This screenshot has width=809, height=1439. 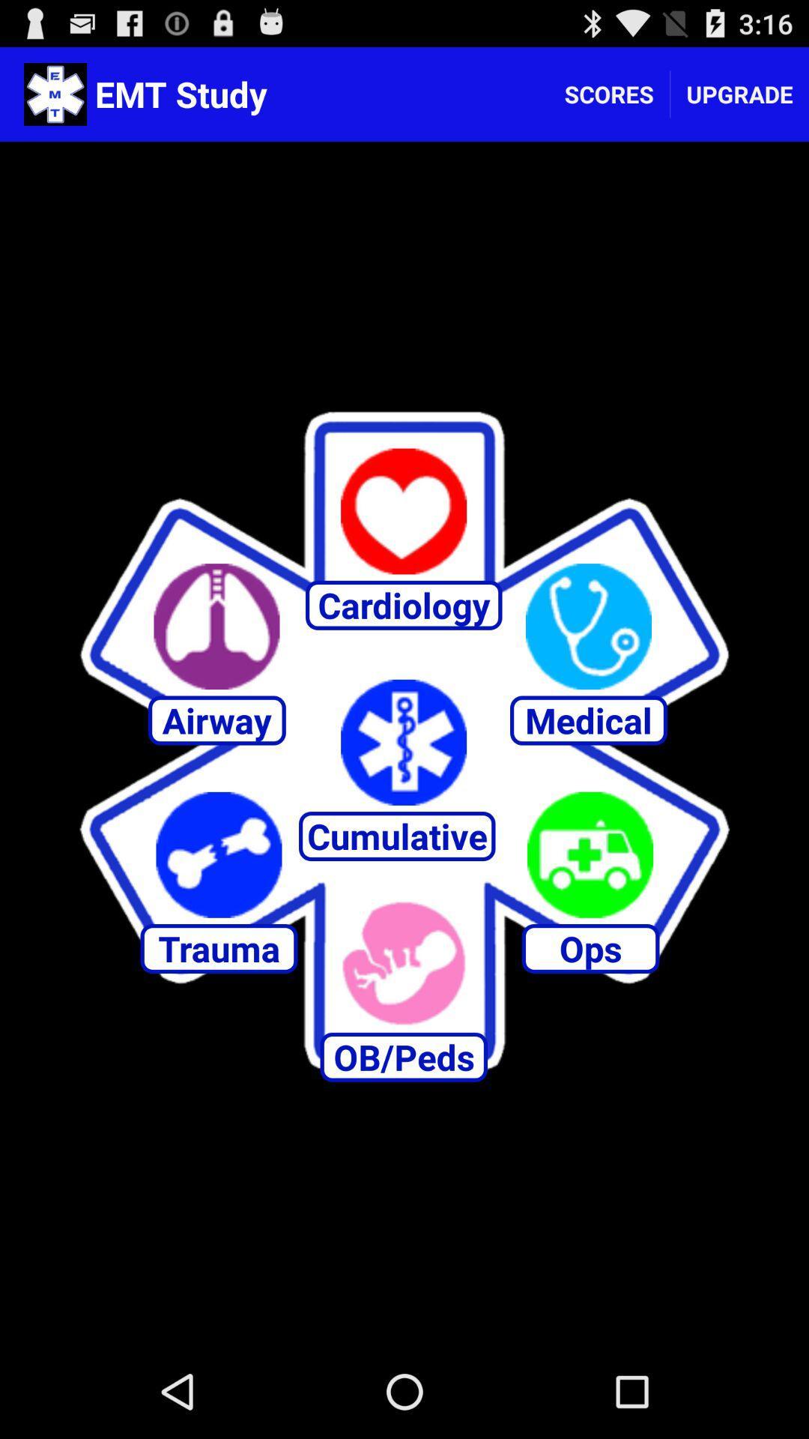 I want to click on trauma option, so click(x=219, y=854).